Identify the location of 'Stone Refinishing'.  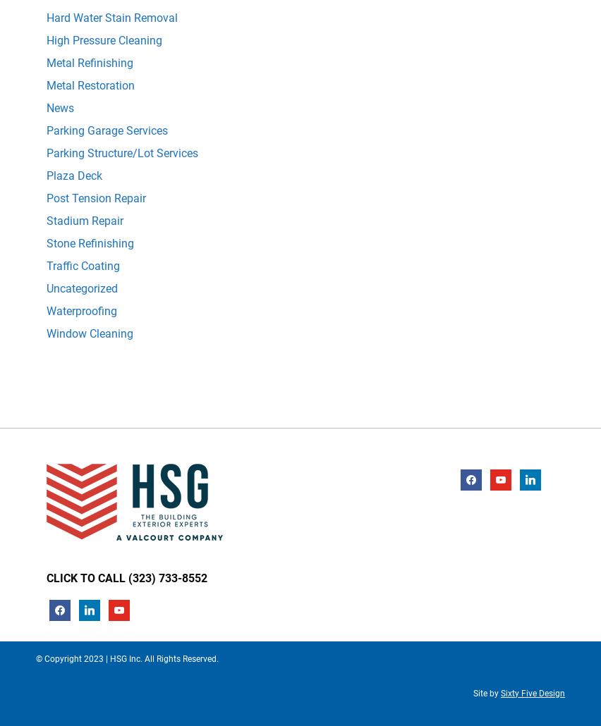
(90, 242).